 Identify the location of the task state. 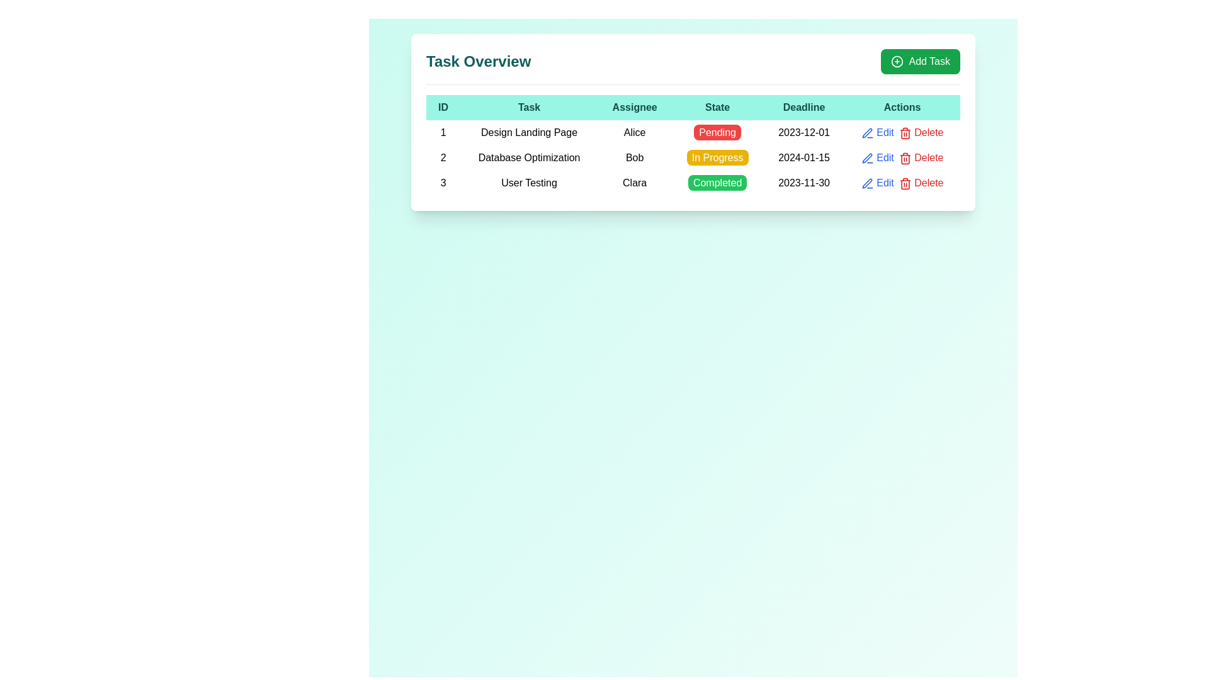
(717, 133).